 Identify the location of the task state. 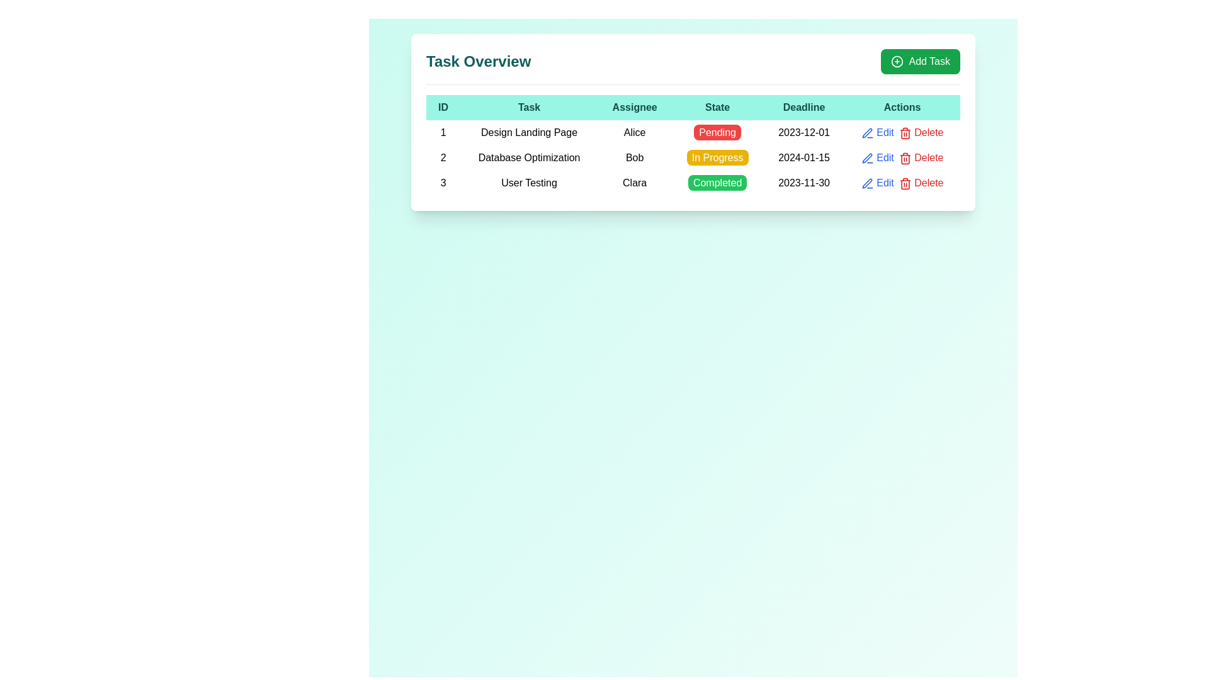
(717, 133).